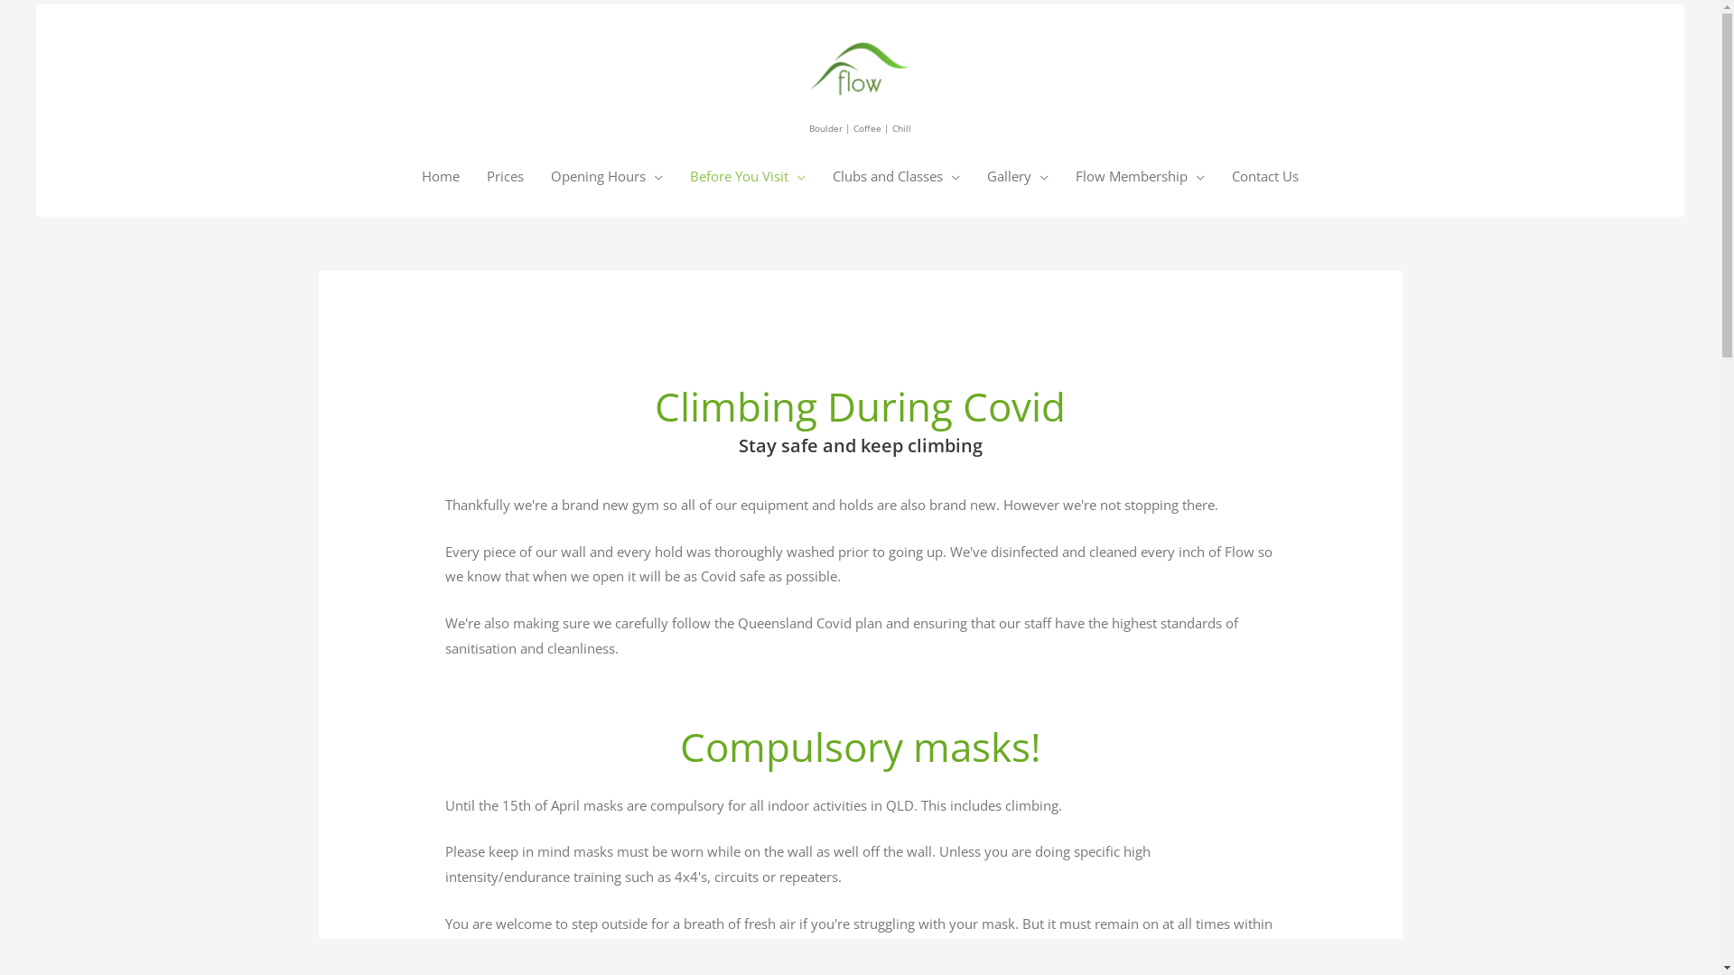 The width and height of the screenshot is (1734, 975). What do you see at coordinates (406, 176) in the screenshot?
I see `'Home'` at bounding box center [406, 176].